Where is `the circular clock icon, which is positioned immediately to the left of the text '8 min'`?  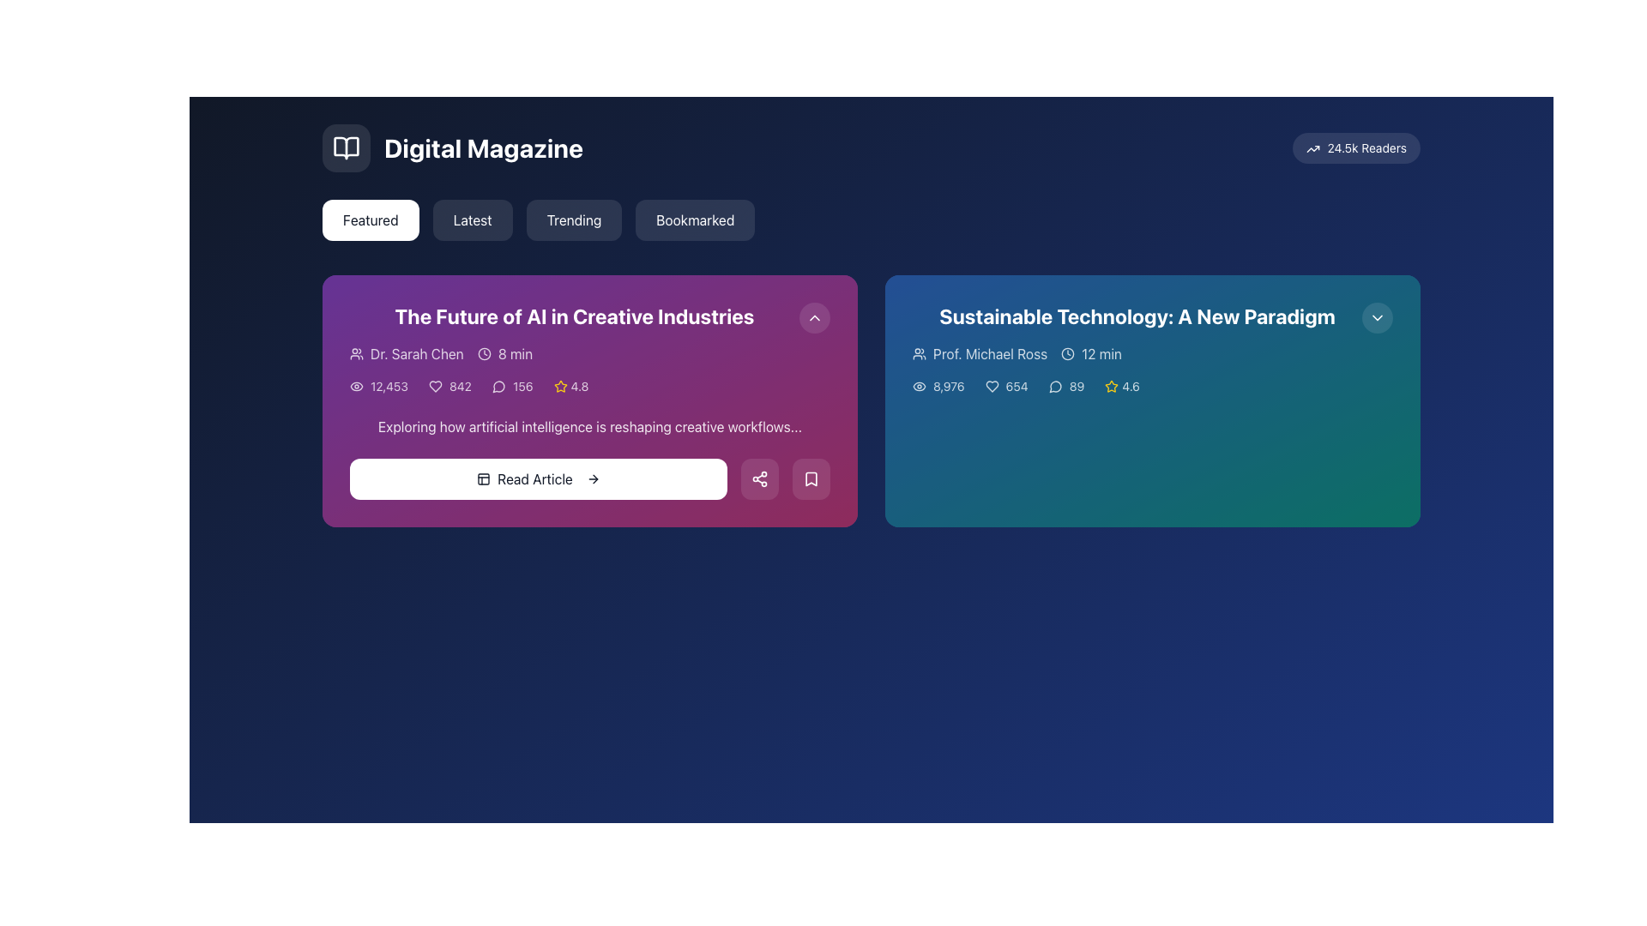
the circular clock icon, which is positioned immediately to the left of the text '8 min' is located at coordinates (483, 352).